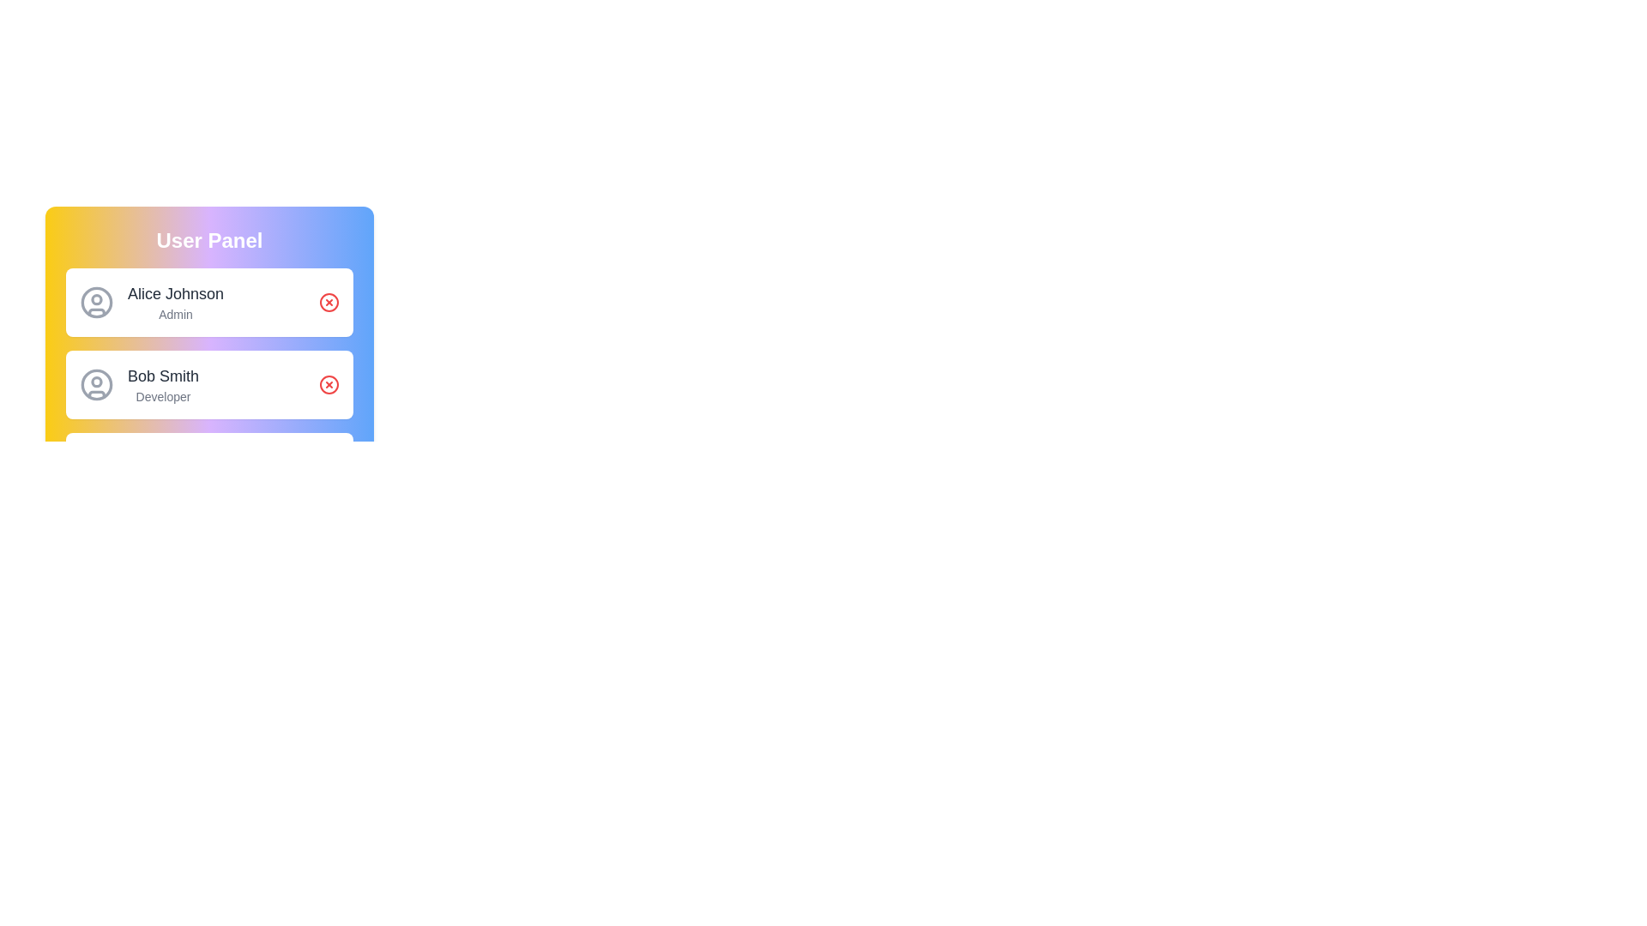  What do you see at coordinates (96, 380) in the screenshot?
I see `the small circular graphical feature representing the user profile picture of 'Bob Smith', located in the user list` at bounding box center [96, 380].